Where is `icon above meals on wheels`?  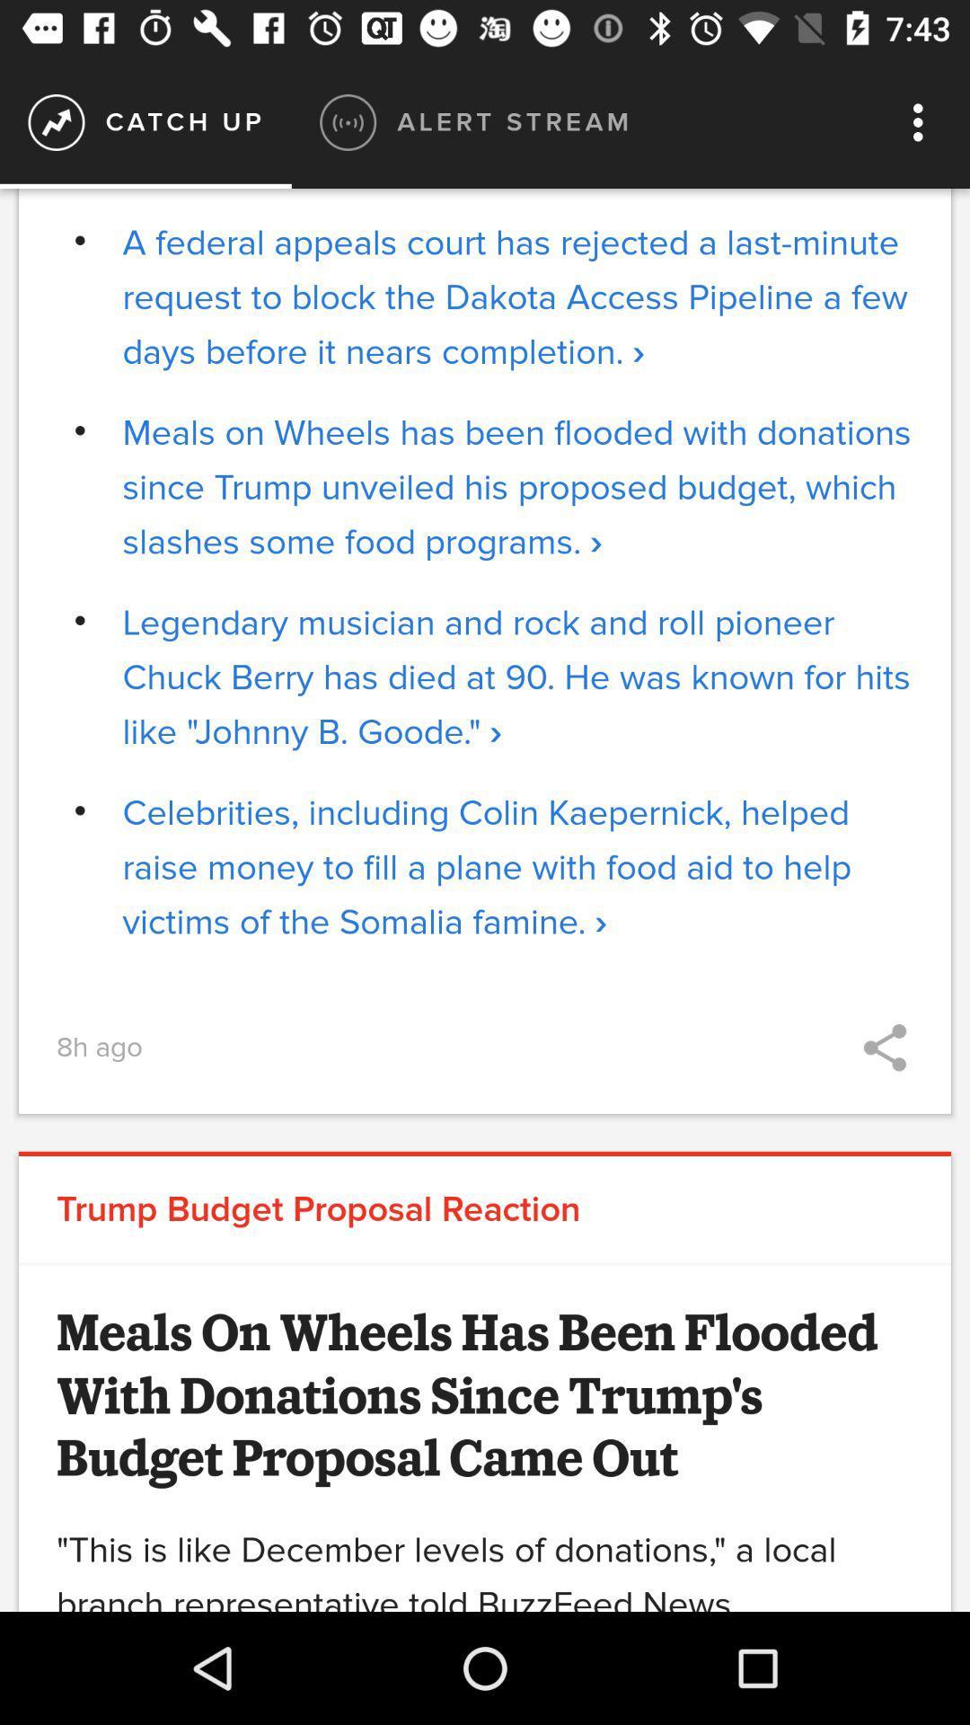
icon above meals on wheels is located at coordinates (517, 297).